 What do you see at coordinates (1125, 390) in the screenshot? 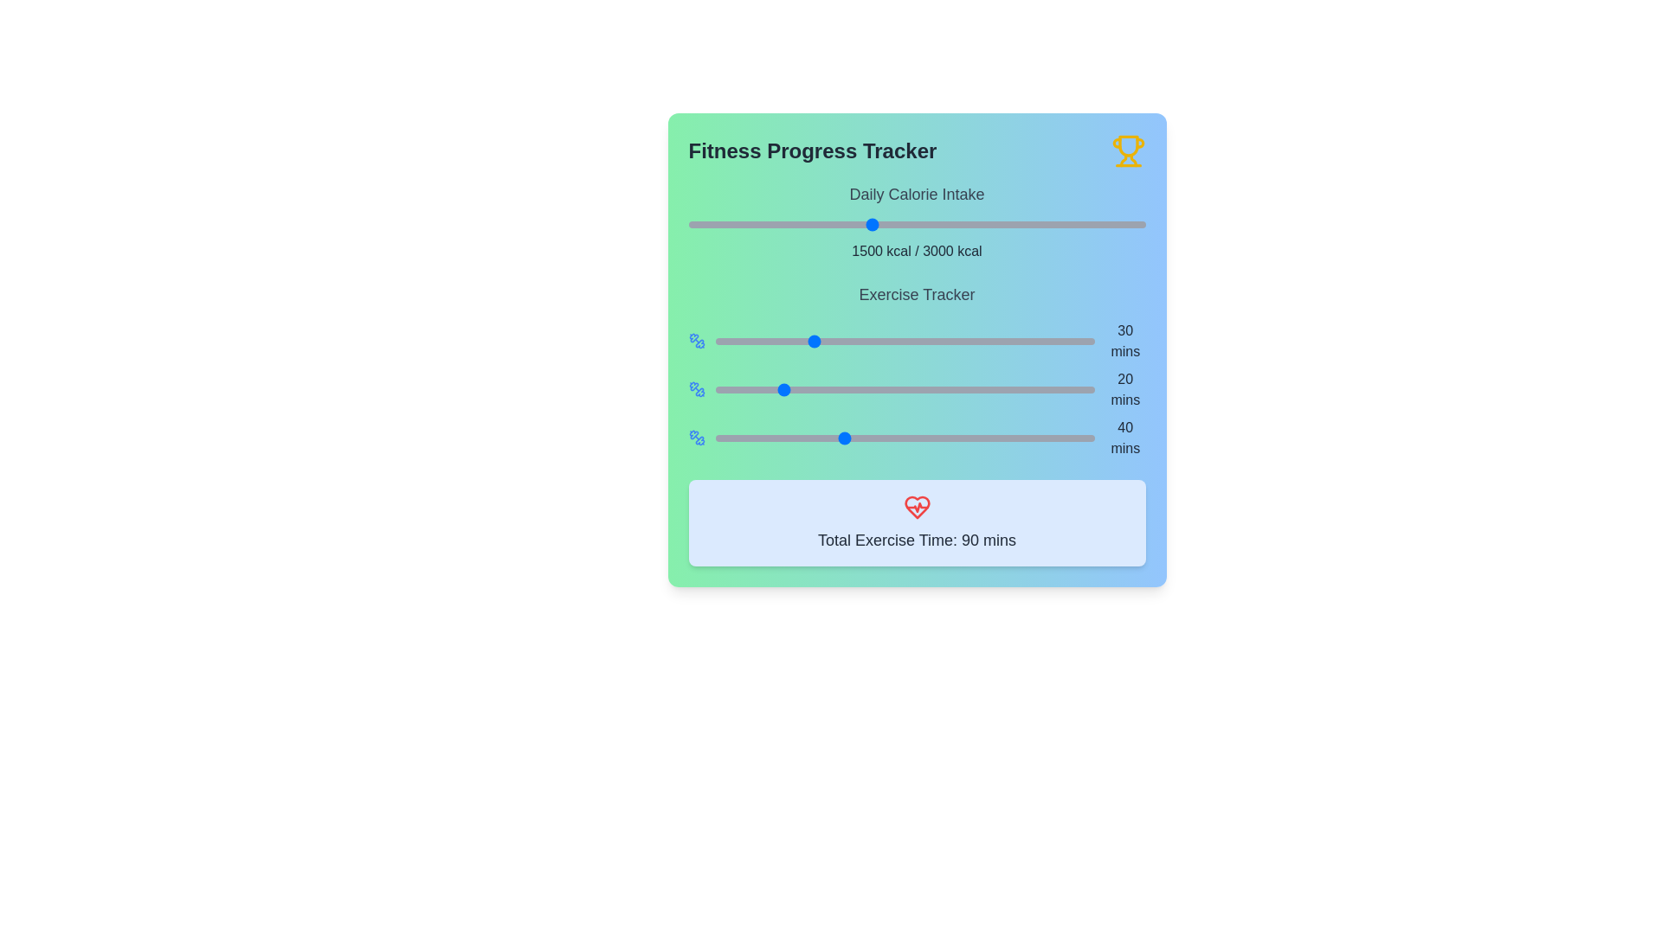
I see `the informational text label that displays the current value (20 minutes) next to the associated slider in the 'Exercise Tracker' section` at bounding box center [1125, 390].